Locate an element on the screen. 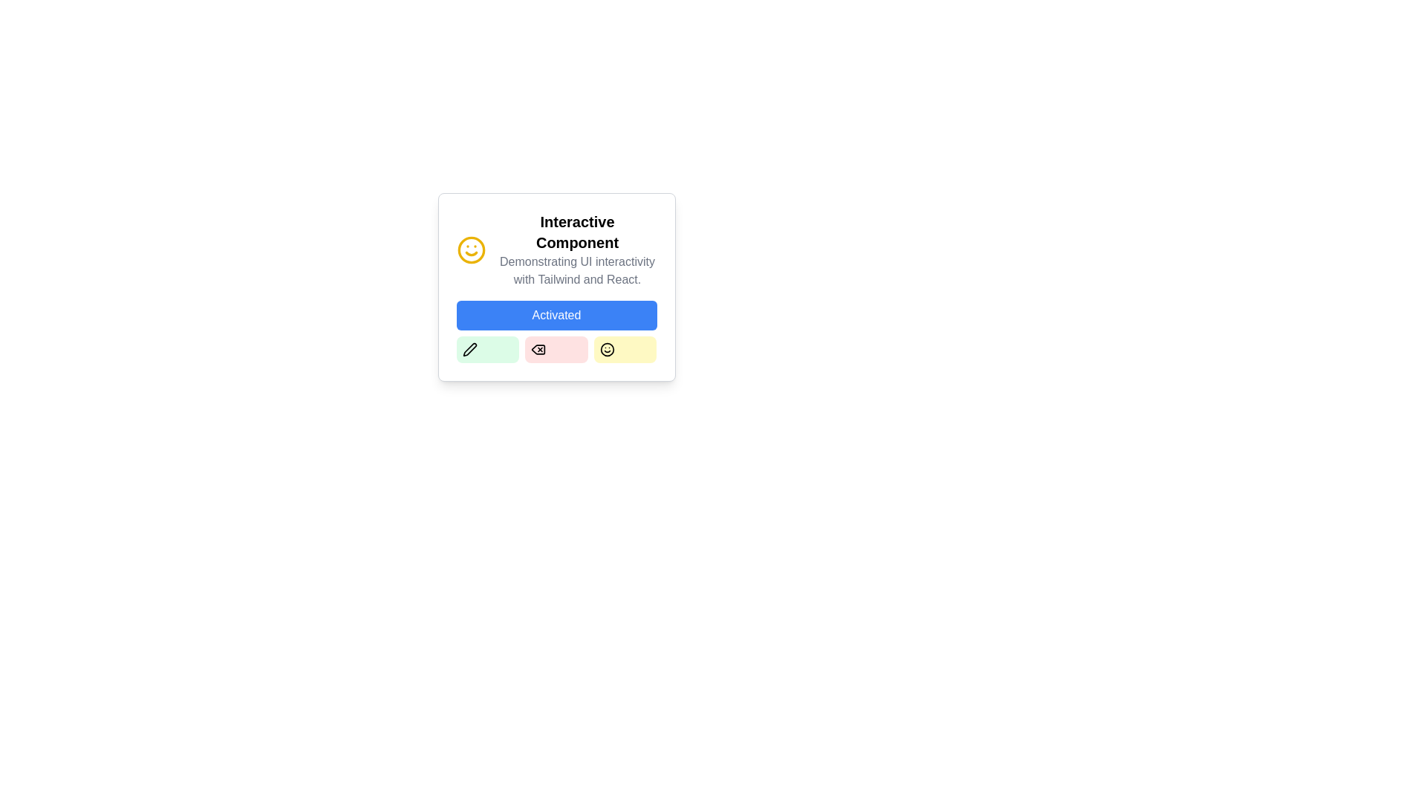  the text block containing the header 'Interactive Component' and the description 'Demonstrating UI interactivity with Tailwind and React.' is located at coordinates (576, 249).